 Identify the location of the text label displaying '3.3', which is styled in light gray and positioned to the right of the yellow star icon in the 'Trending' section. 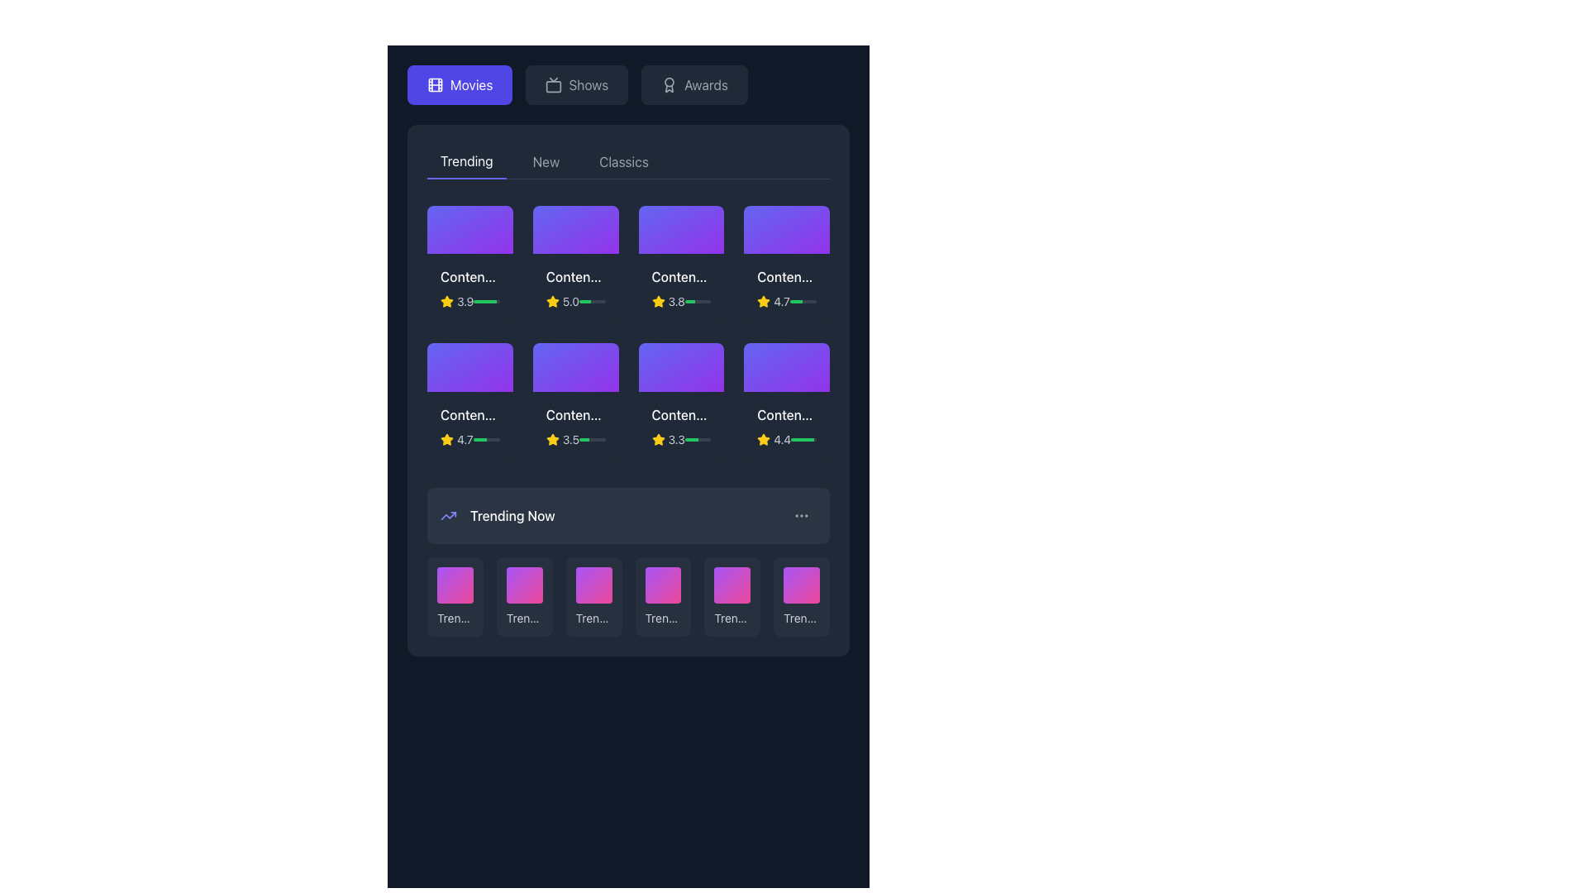
(676, 438).